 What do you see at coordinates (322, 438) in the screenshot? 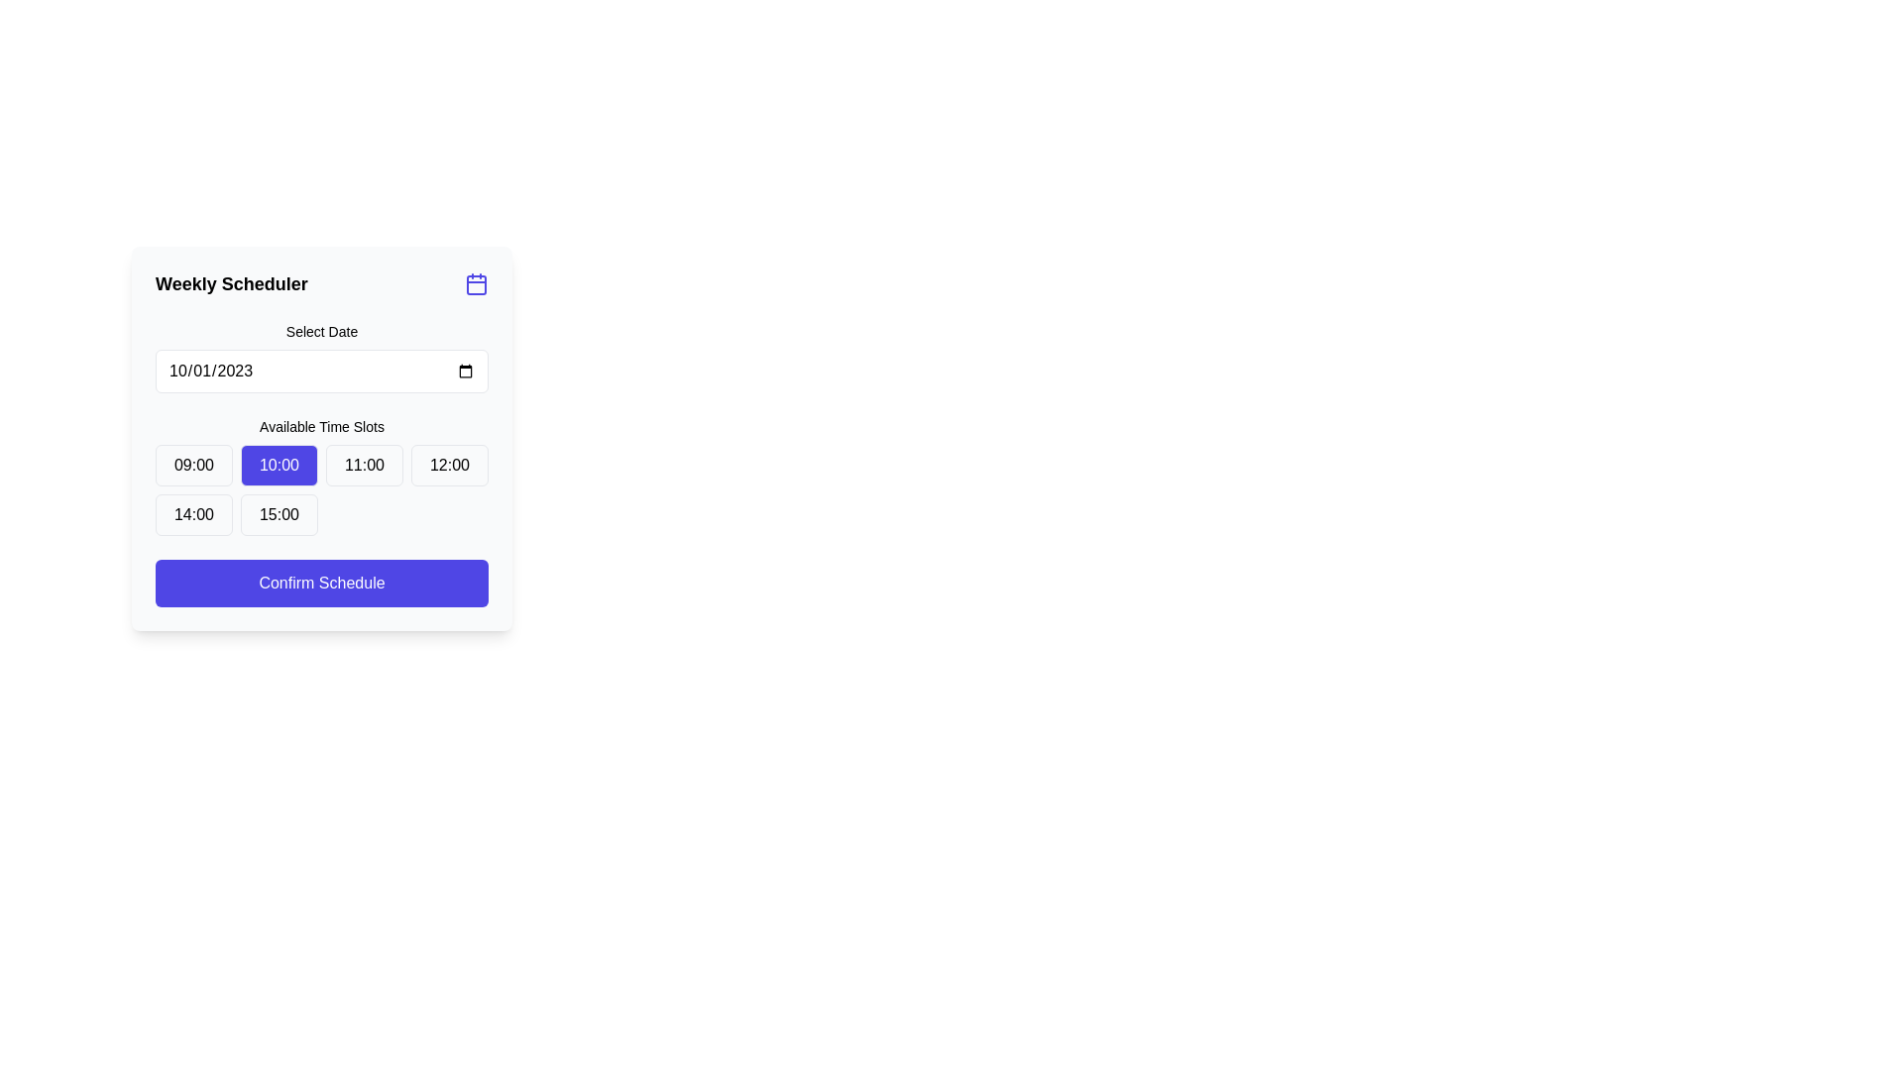
I see `the time slot button within the 'Weekly Scheduler' card-based widget` at bounding box center [322, 438].